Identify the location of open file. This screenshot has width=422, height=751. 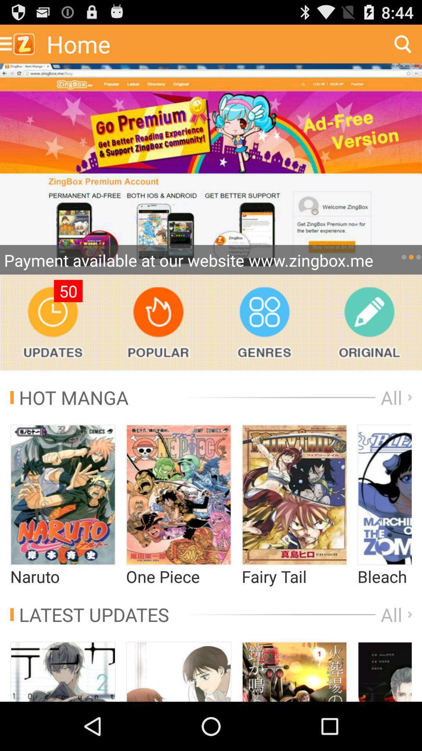
(179, 494).